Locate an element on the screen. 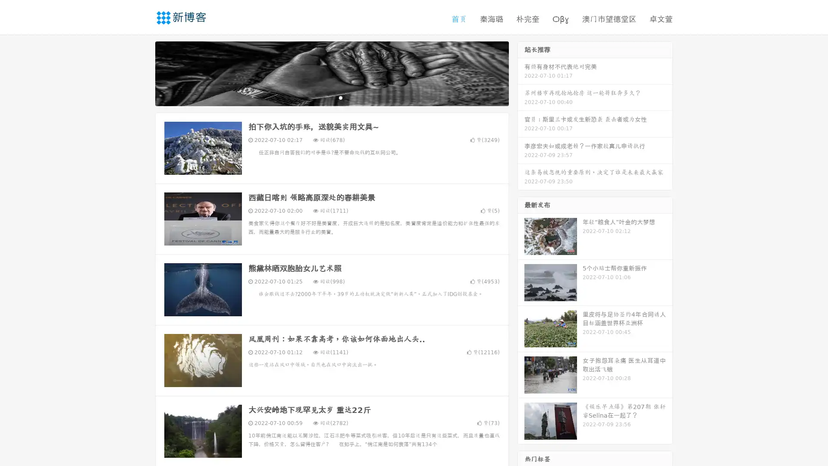  Previous slide is located at coordinates (142, 72).